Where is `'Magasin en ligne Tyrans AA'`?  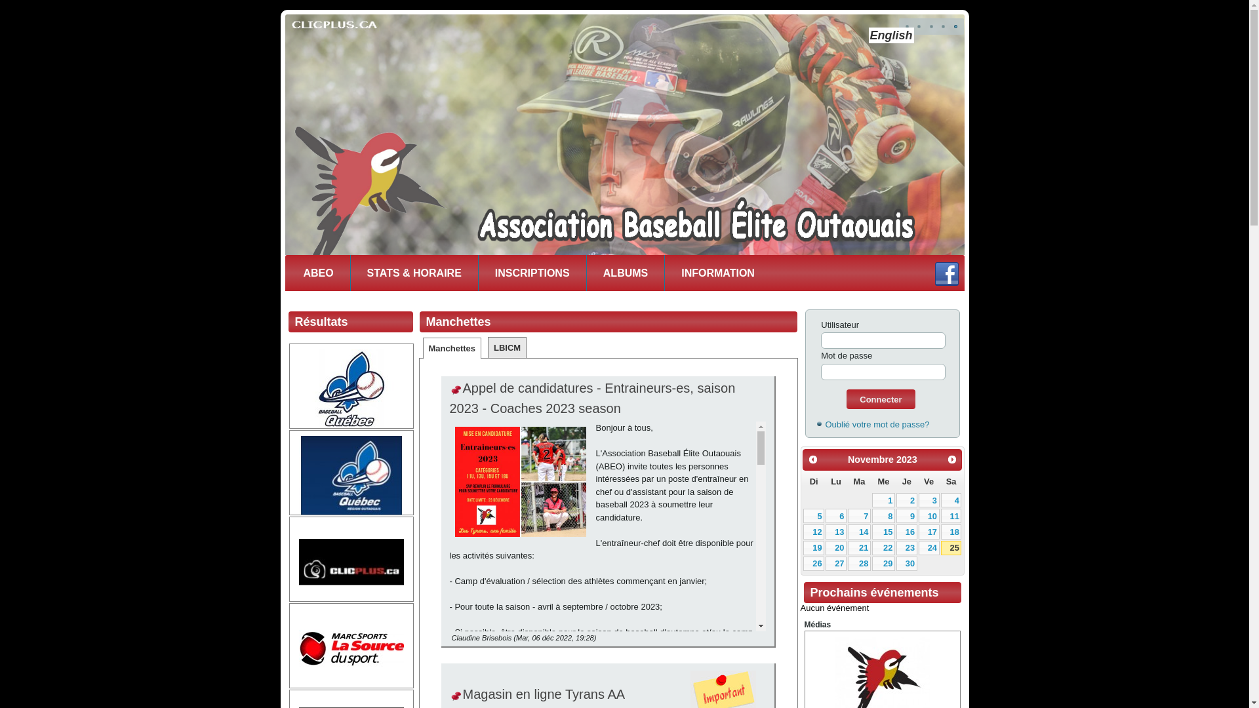
'Magasin en ligne Tyrans AA' is located at coordinates (544, 694).